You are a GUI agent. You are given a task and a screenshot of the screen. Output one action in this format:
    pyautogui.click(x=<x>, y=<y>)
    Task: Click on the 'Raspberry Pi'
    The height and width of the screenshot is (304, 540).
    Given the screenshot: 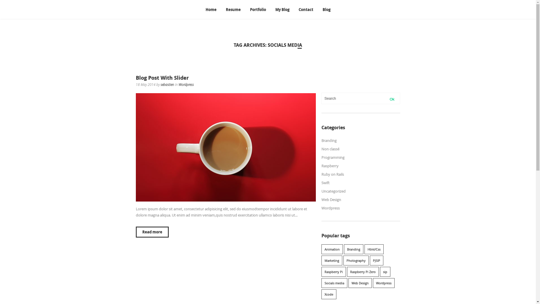 What is the action you would take?
    pyautogui.click(x=333, y=271)
    